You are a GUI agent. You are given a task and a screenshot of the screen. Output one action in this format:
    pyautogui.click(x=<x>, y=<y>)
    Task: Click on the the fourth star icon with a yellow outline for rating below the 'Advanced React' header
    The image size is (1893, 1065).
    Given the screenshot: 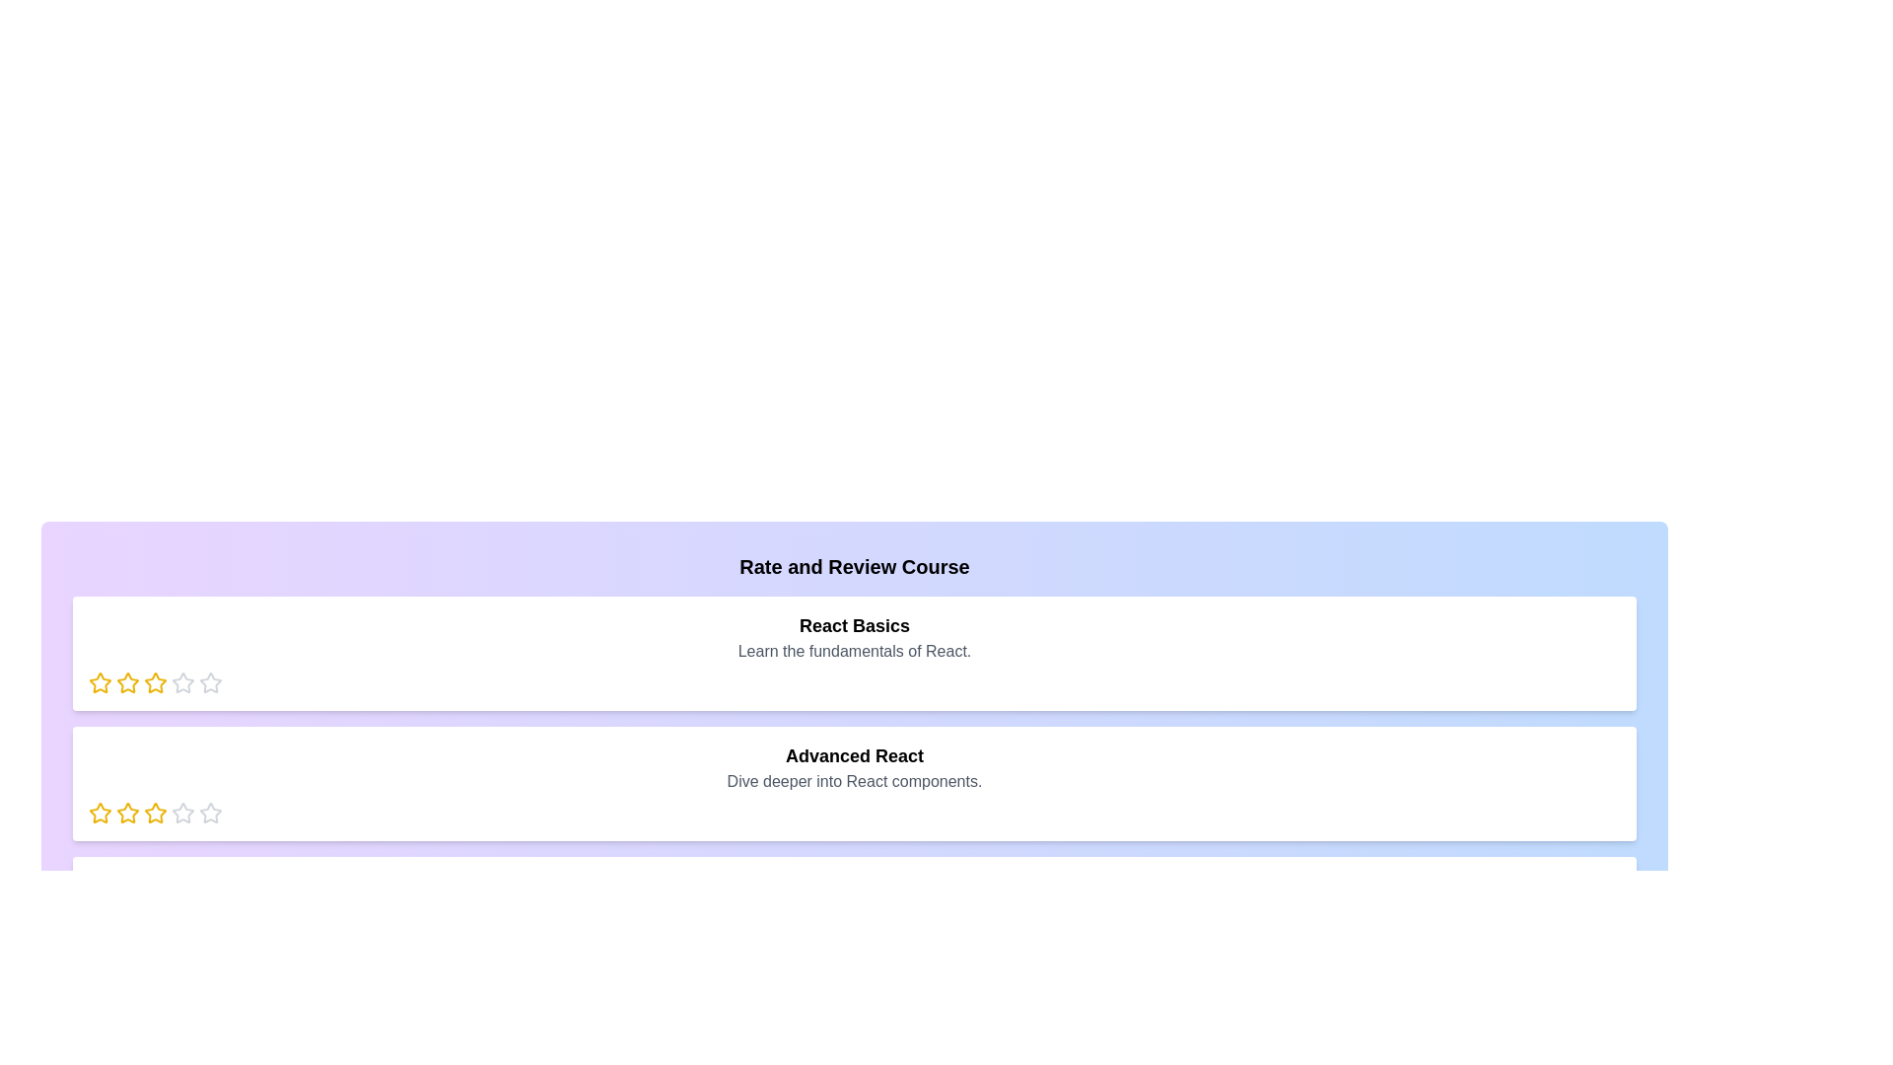 What is the action you would take?
    pyautogui.click(x=155, y=814)
    